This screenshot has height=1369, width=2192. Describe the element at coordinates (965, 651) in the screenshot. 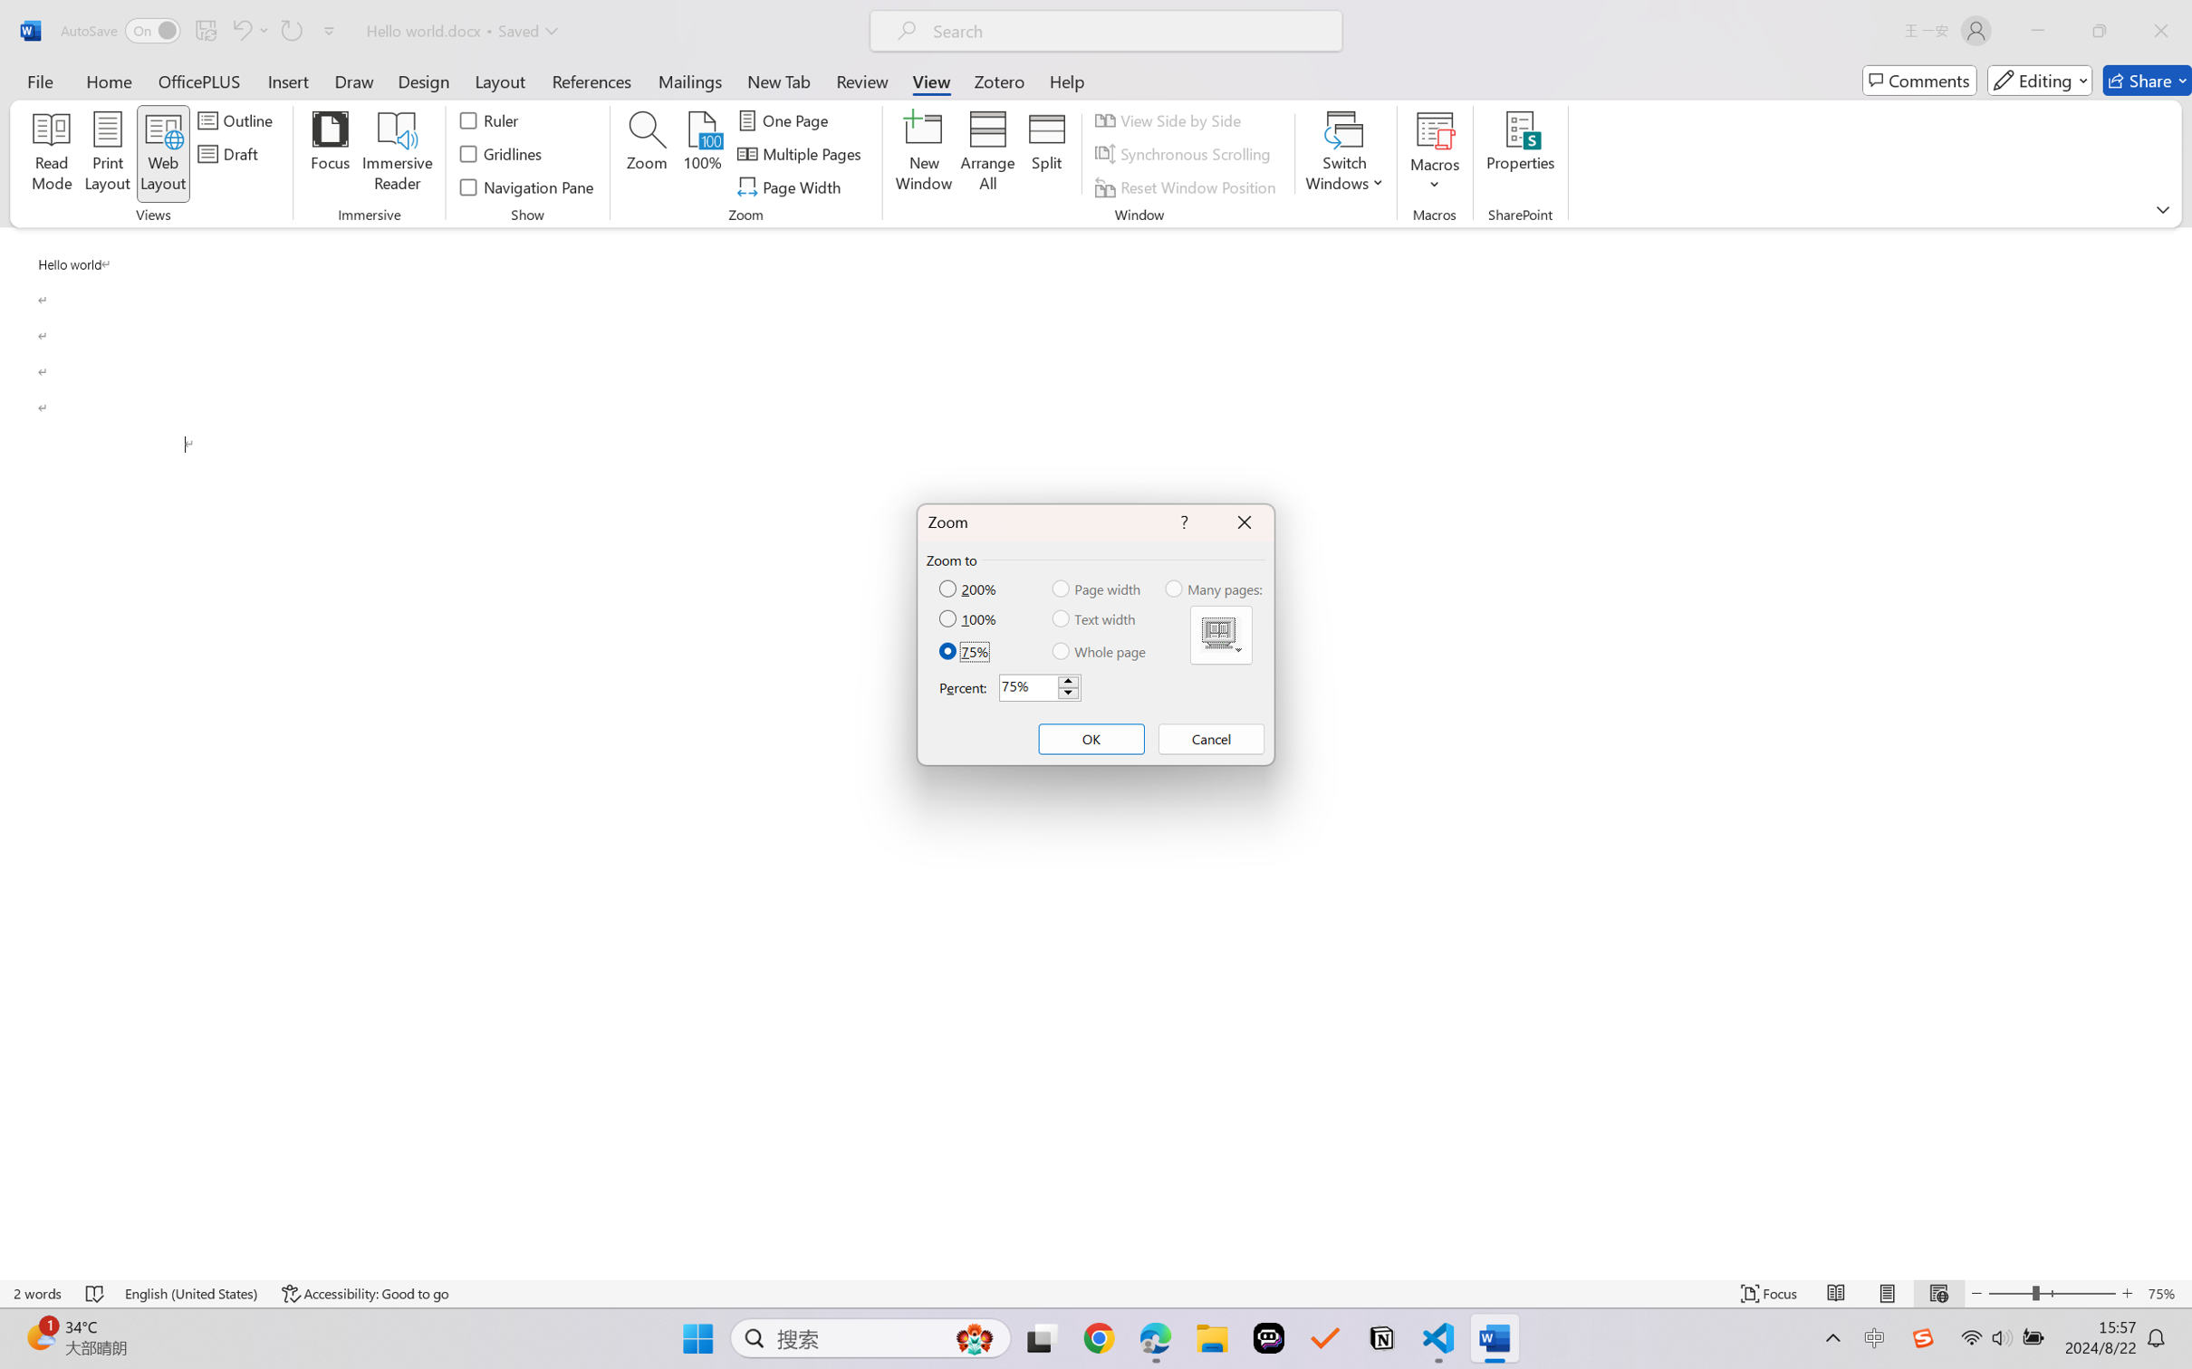

I see `'75%'` at that location.